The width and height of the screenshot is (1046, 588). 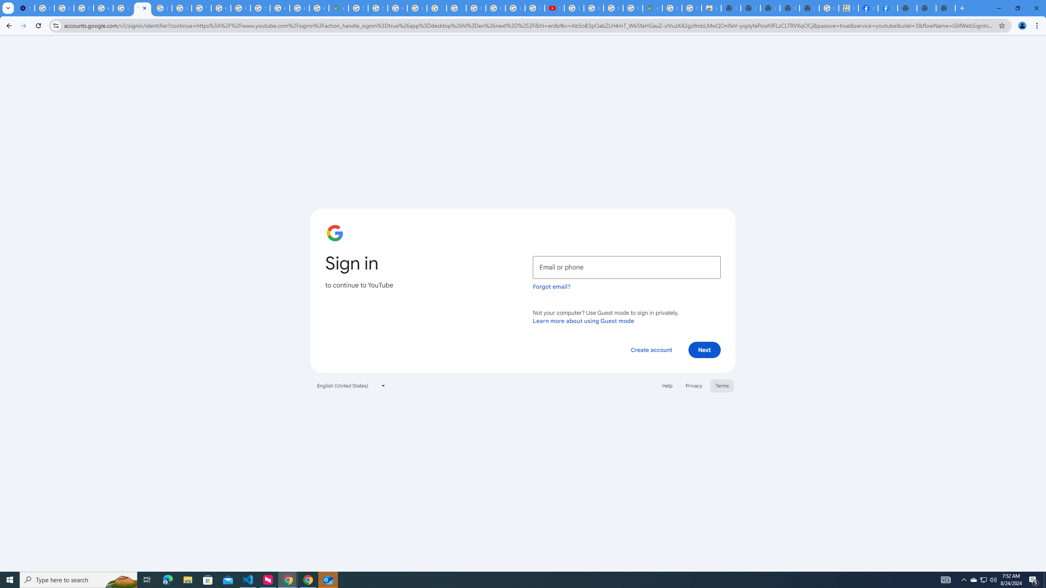 What do you see at coordinates (945, 8) in the screenshot?
I see `'New Tab'` at bounding box center [945, 8].